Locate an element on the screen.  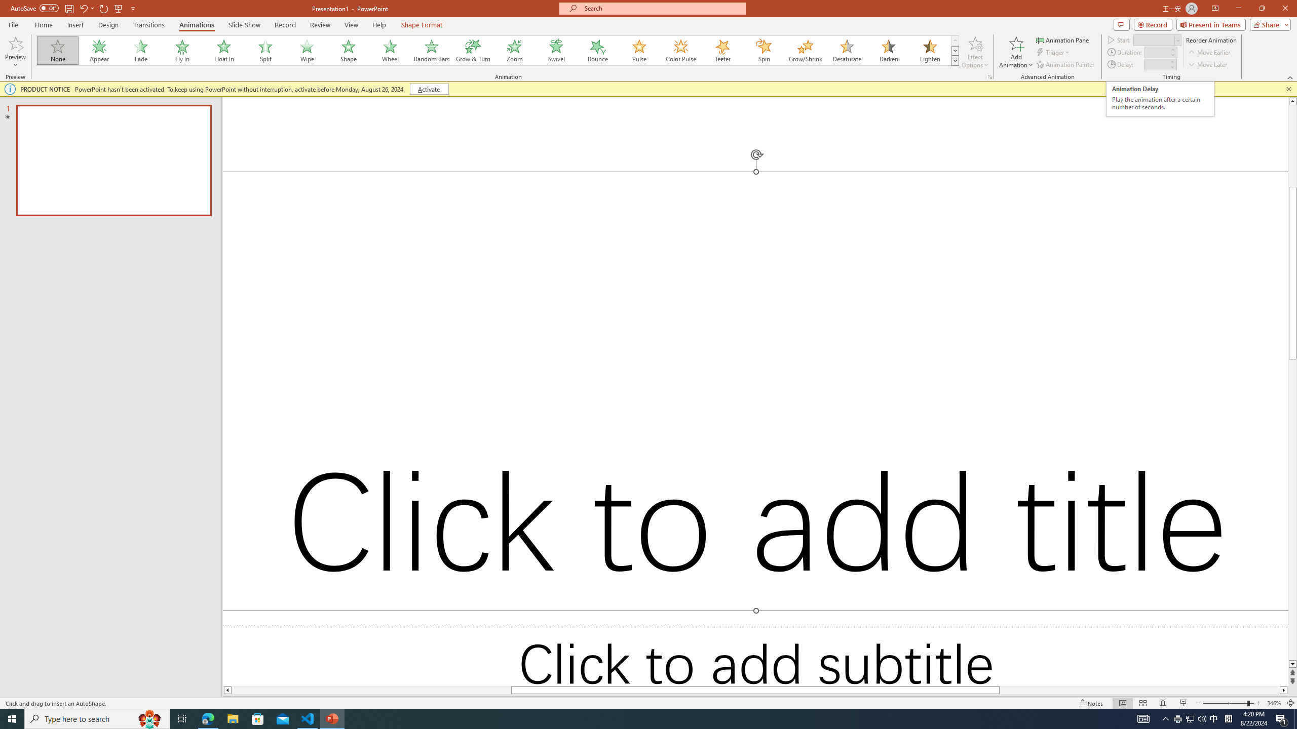
'Shape Format' is located at coordinates (422, 25).